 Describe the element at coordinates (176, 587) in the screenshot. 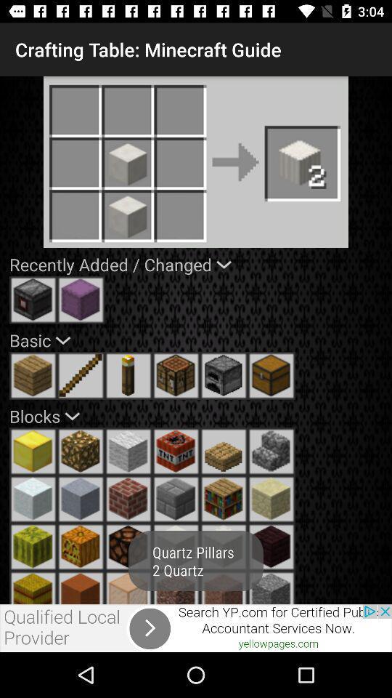

I see `item in item list` at that location.